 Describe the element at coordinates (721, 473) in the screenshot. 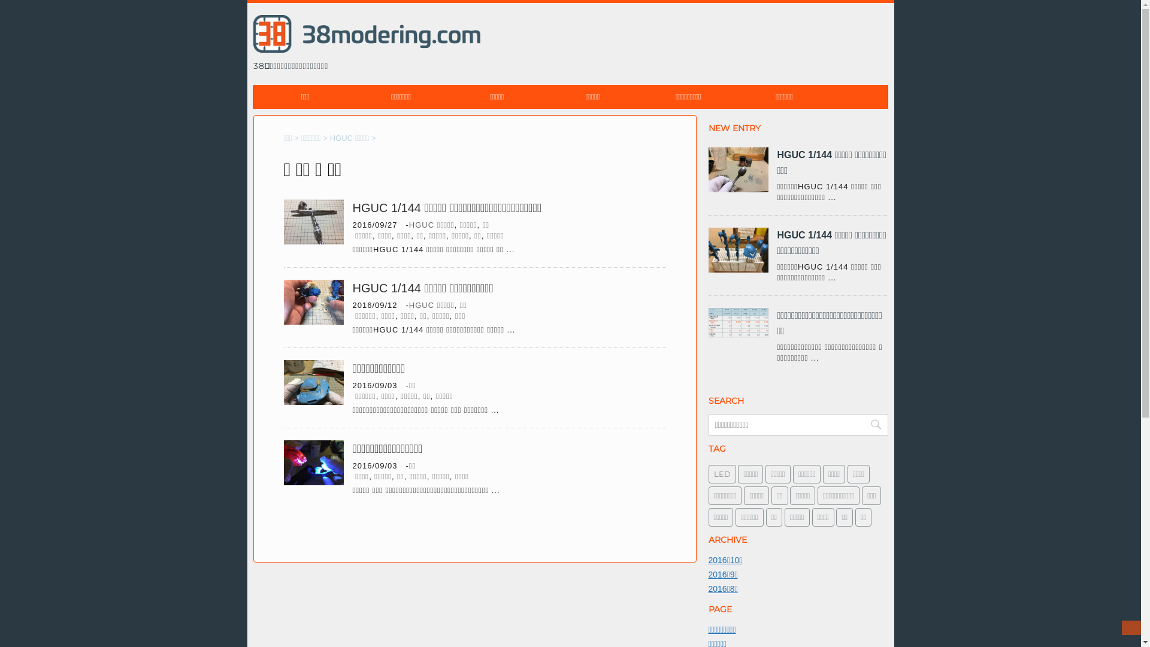

I see `'LED'` at that location.